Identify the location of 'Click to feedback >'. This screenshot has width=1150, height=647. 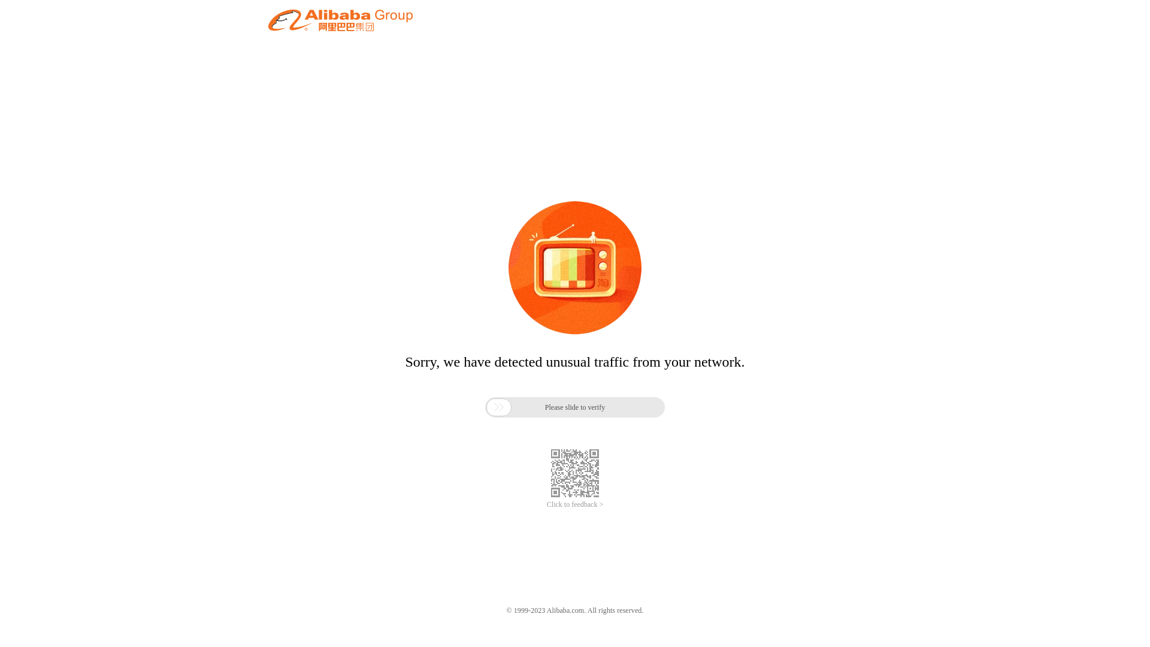
(575, 504).